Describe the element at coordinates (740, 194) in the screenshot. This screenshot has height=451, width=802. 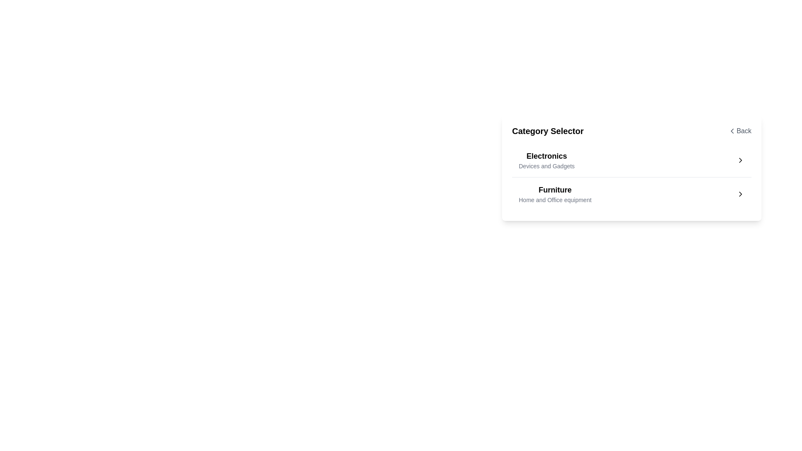
I see `the right-pointing chevron icon in the 'Furniture' row of the 'Category Selector' panel` at that location.